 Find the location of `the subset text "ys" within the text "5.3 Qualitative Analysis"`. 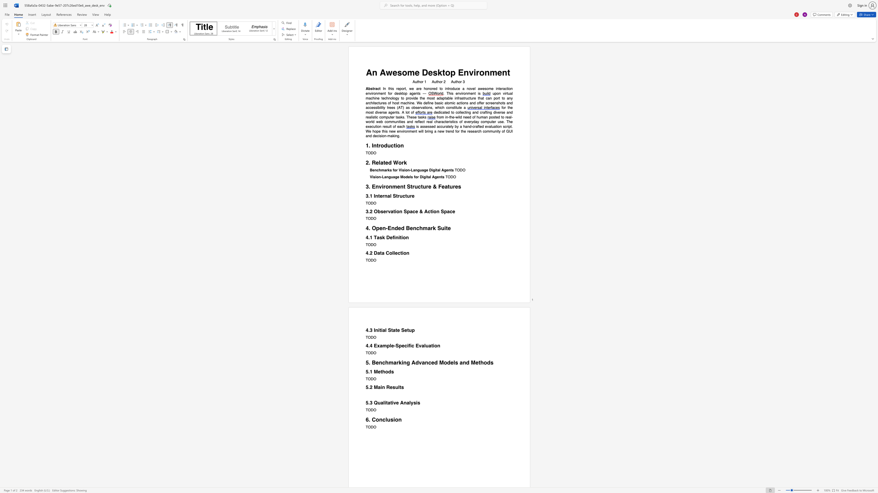

the subset text "ys" within the text "5.3 Qualitative Analysis" is located at coordinates (410, 402).